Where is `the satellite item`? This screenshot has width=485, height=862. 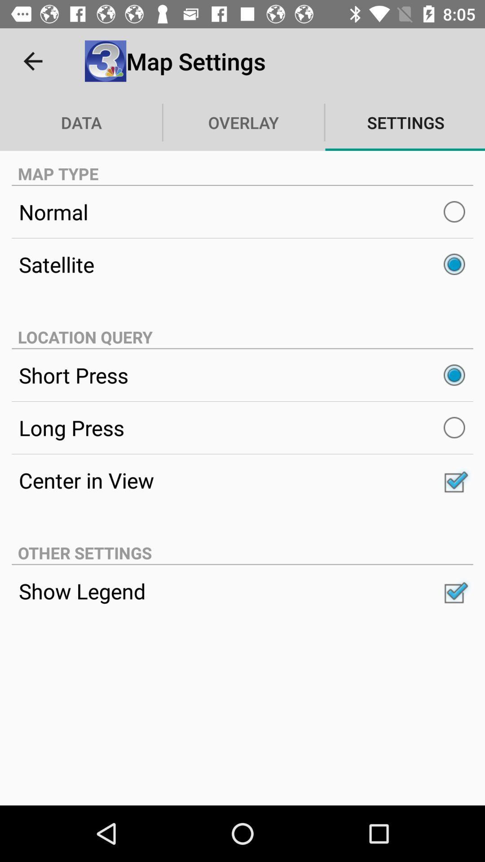 the satellite item is located at coordinates (242, 264).